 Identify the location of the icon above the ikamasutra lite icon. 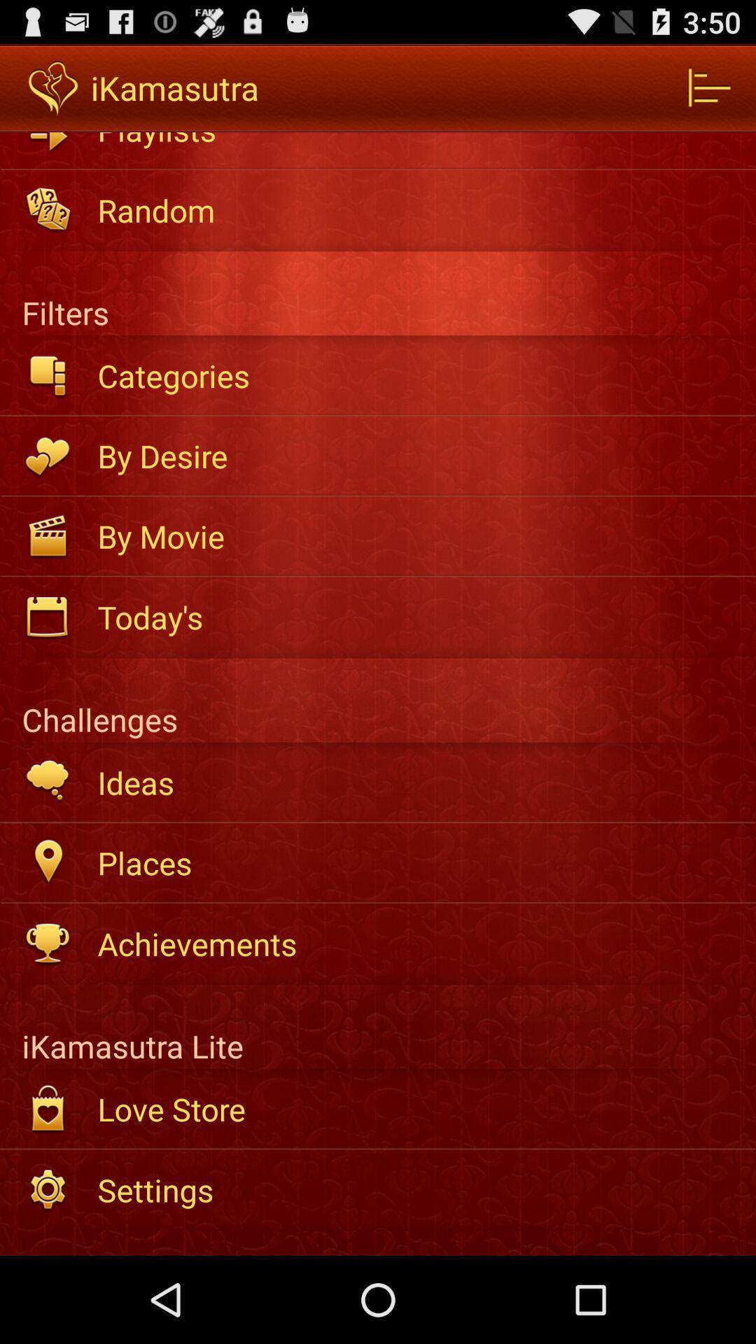
(416, 944).